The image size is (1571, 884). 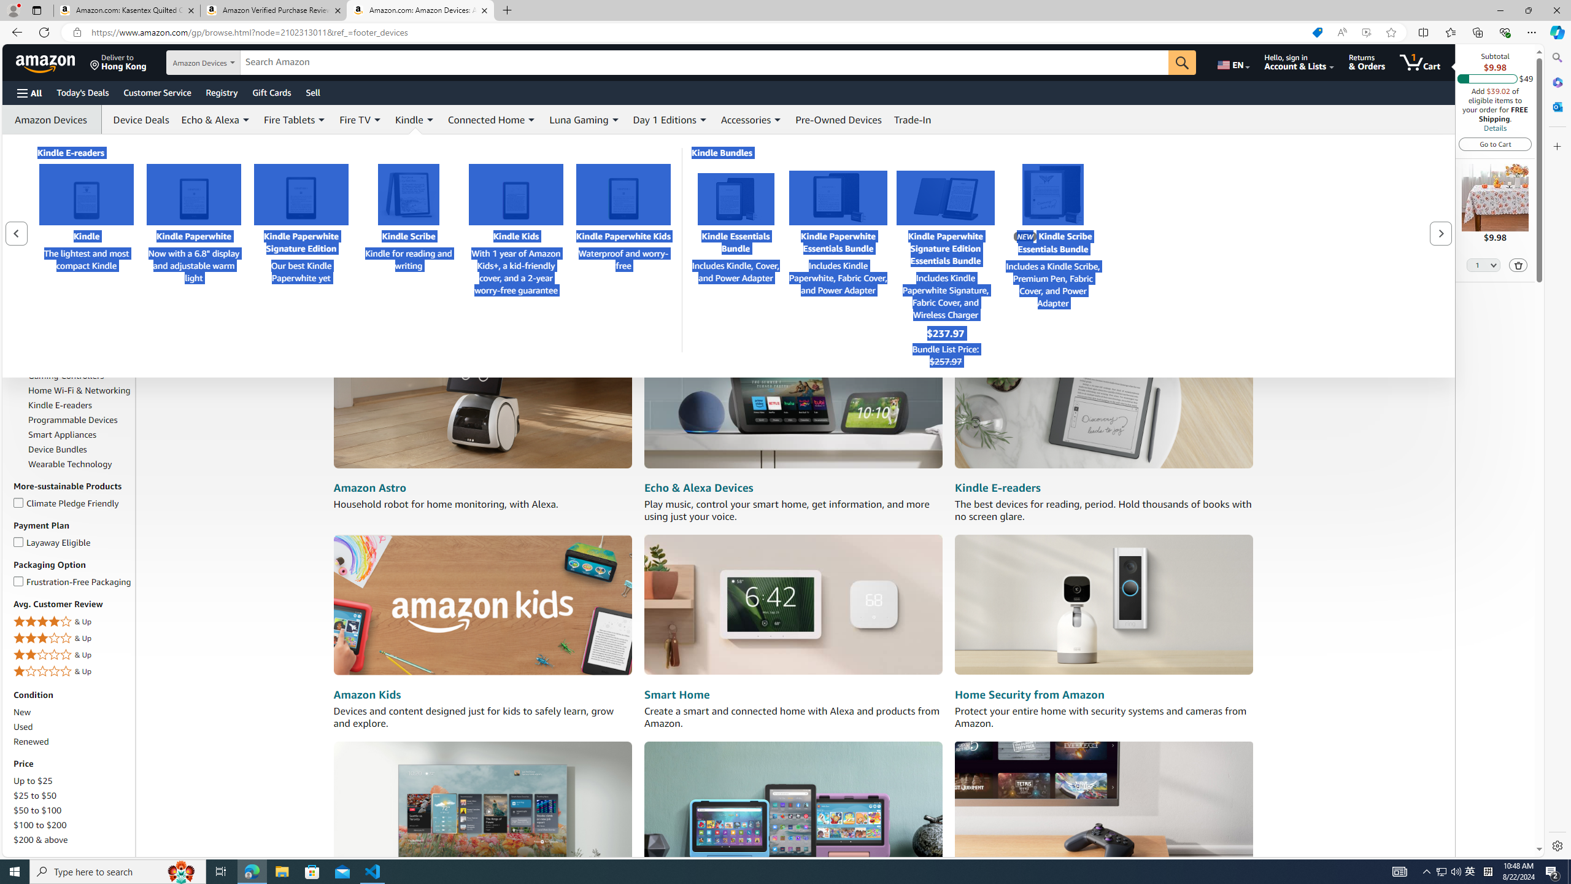 What do you see at coordinates (72, 672) in the screenshot?
I see `'1 Star & Up& Up'` at bounding box center [72, 672].